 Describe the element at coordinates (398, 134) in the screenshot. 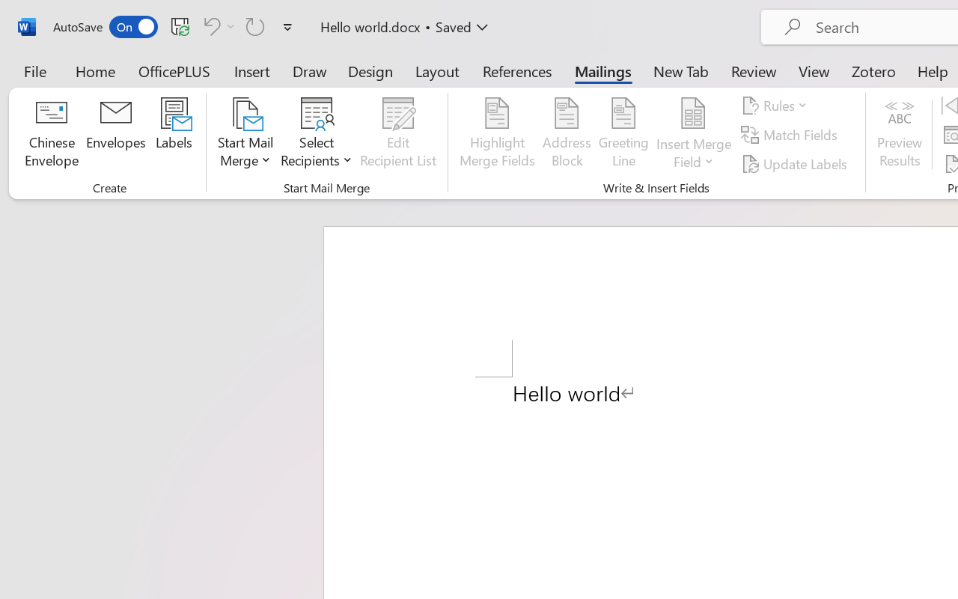

I see `'Edit Recipient List...'` at that location.